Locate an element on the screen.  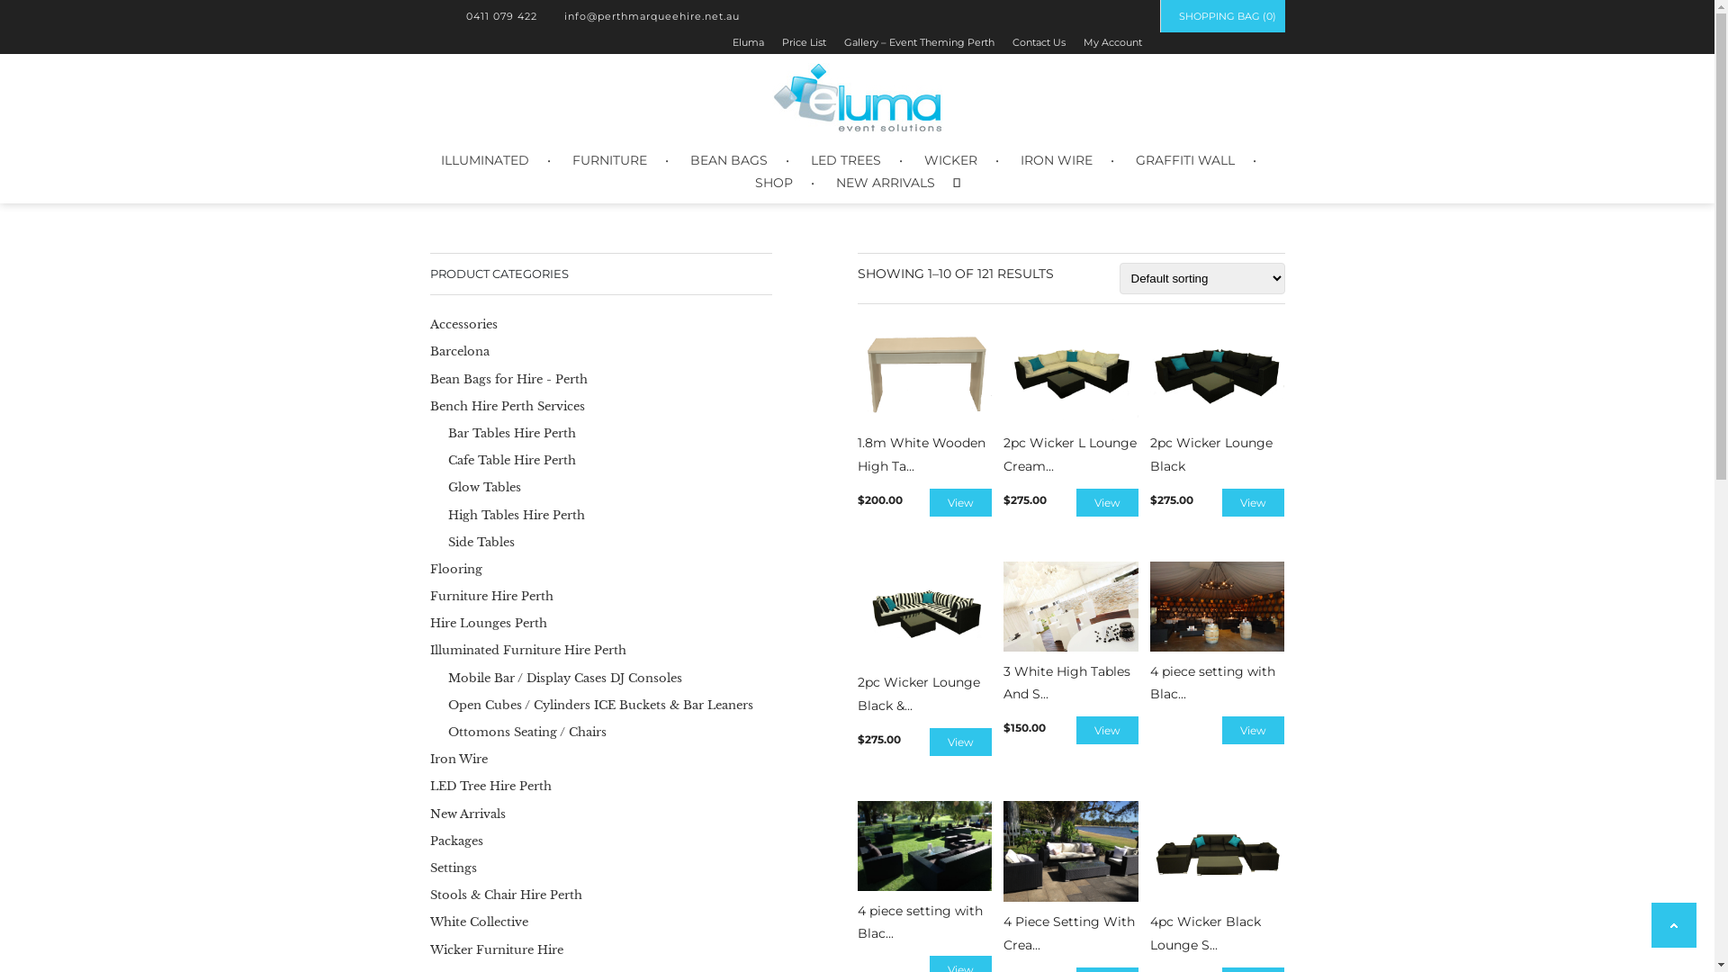
'FURNITURE' is located at coordinates (609, 159).